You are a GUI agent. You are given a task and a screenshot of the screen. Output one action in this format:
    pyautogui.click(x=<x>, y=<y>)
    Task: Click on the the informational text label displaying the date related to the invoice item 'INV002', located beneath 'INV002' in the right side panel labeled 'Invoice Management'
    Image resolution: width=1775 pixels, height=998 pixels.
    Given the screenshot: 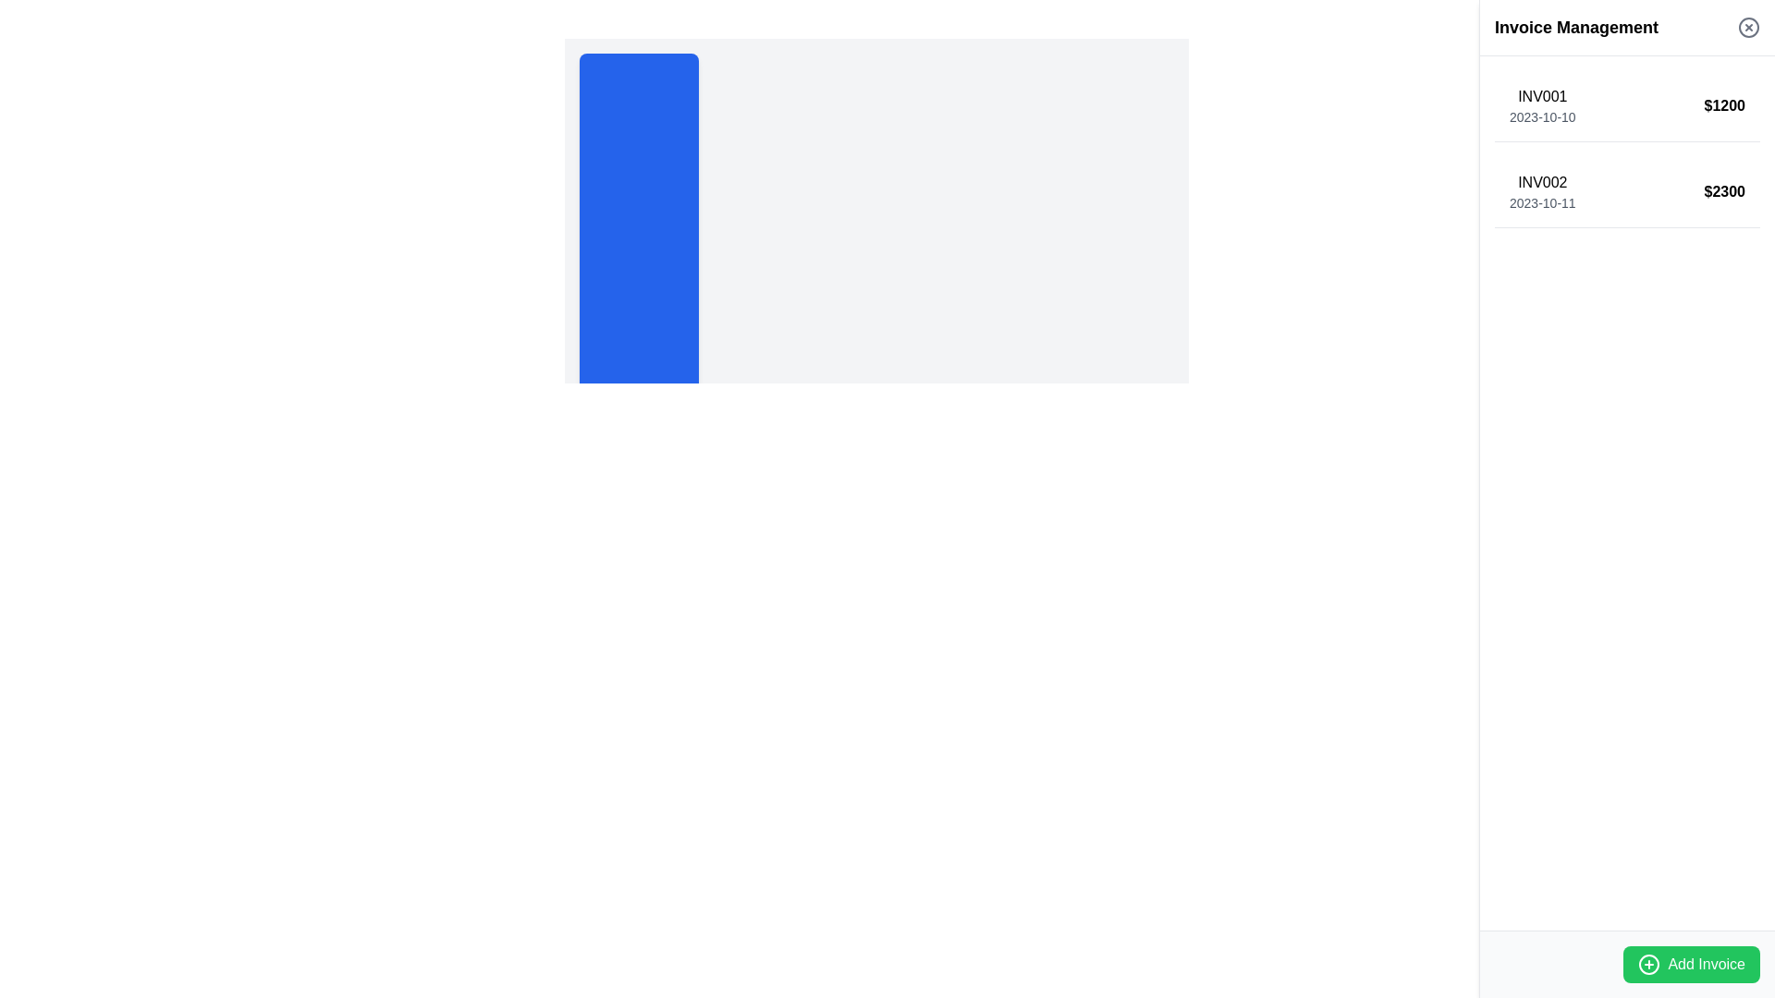 What is the action you would take?
    pyautogui.click(x=1542, y=202)
    